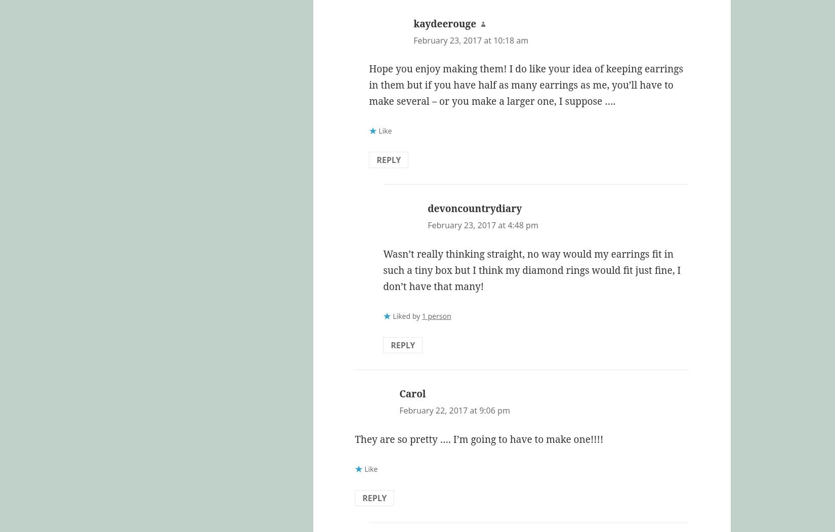 The height and width of the screenshot is (532, 835). Describe the element at coordinates (479, 438) in the screenshot. I see `'They are so pretty …. I’m going to have to make one!!!!'` at that location.